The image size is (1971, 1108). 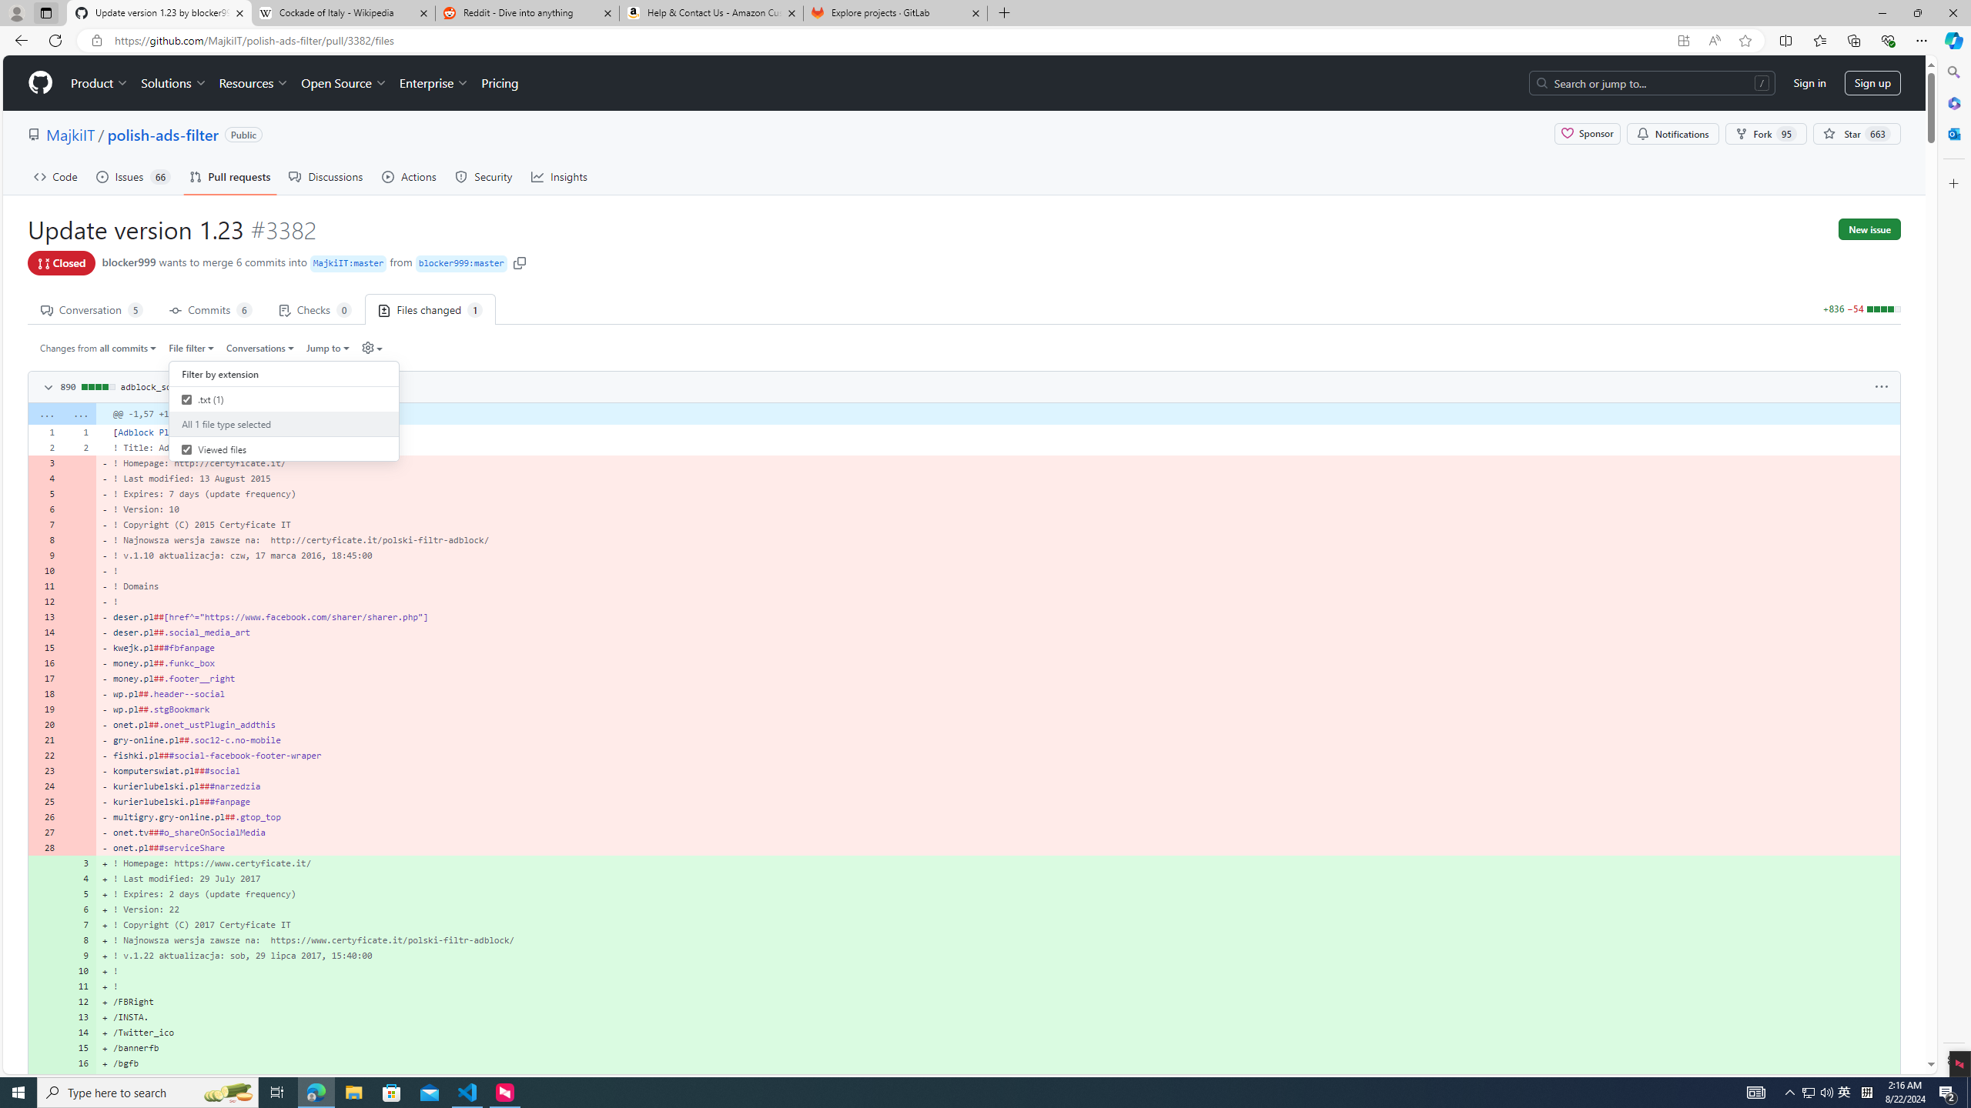 What do you see at coordinates (283, 448) in the screenshot?
I see `'Viewed files'` at bounding box center [283, 448].